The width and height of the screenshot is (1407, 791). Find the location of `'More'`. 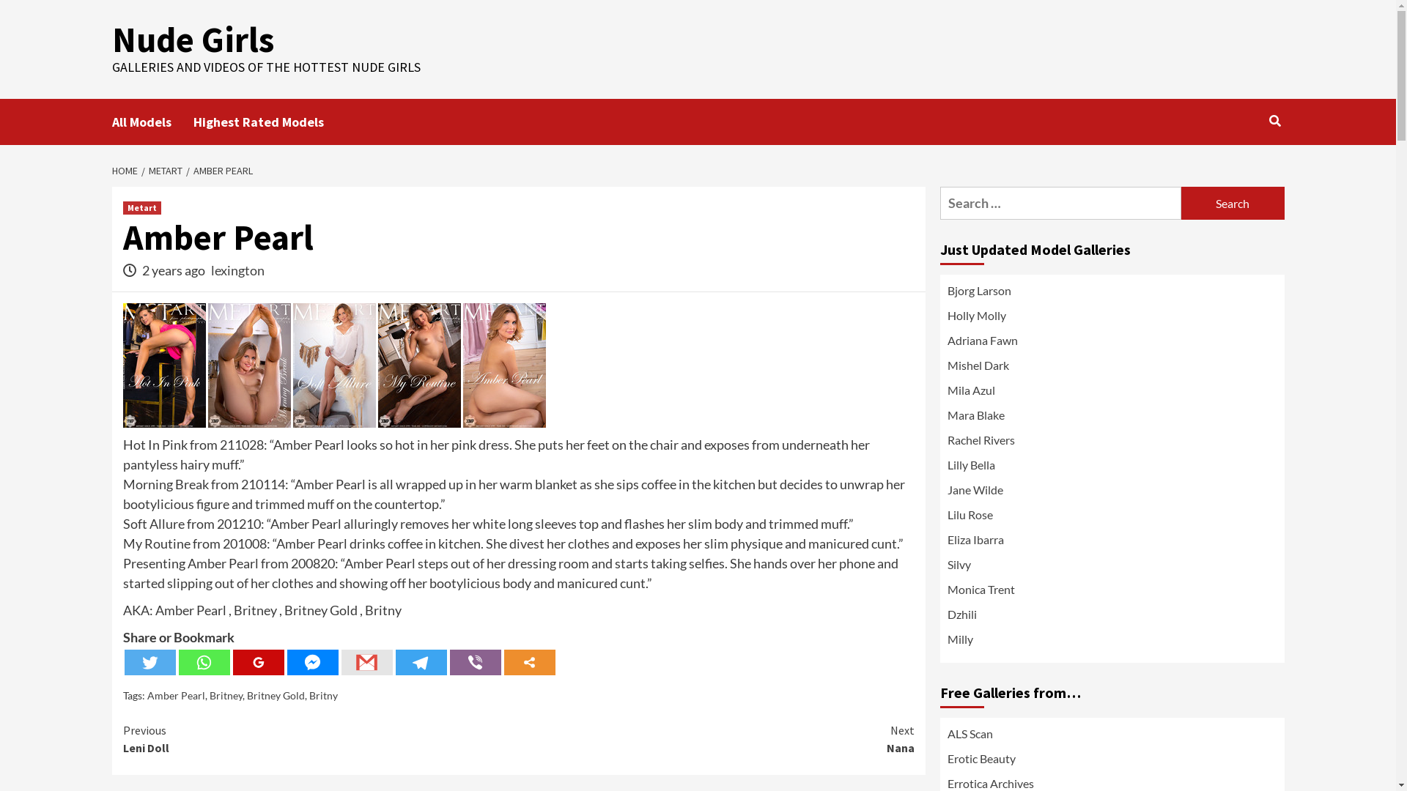

'More' is located at coordinates (503, 662).